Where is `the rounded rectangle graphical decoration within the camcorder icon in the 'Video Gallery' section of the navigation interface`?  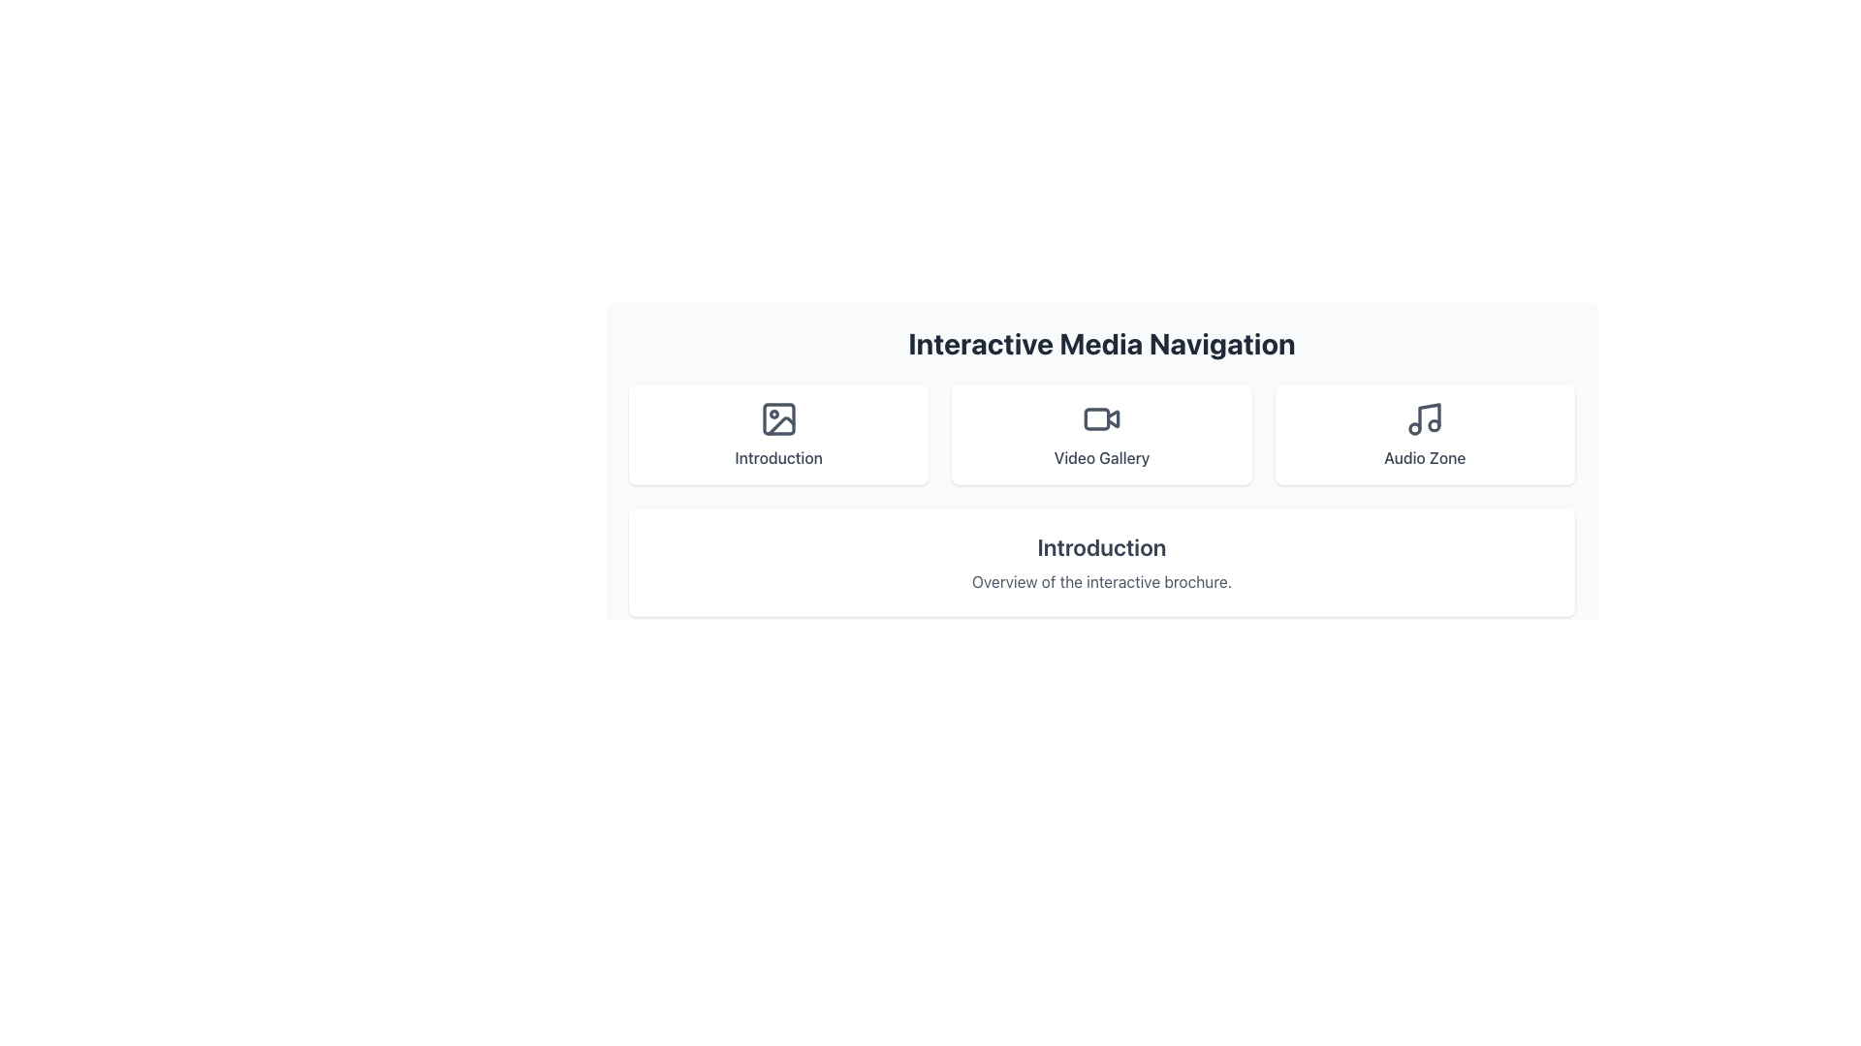 the rounded rectangle graphical decoration within the camcorder icon in the 'Video Gallery' section of the navigation interface is located at coordinates (1097, 417).